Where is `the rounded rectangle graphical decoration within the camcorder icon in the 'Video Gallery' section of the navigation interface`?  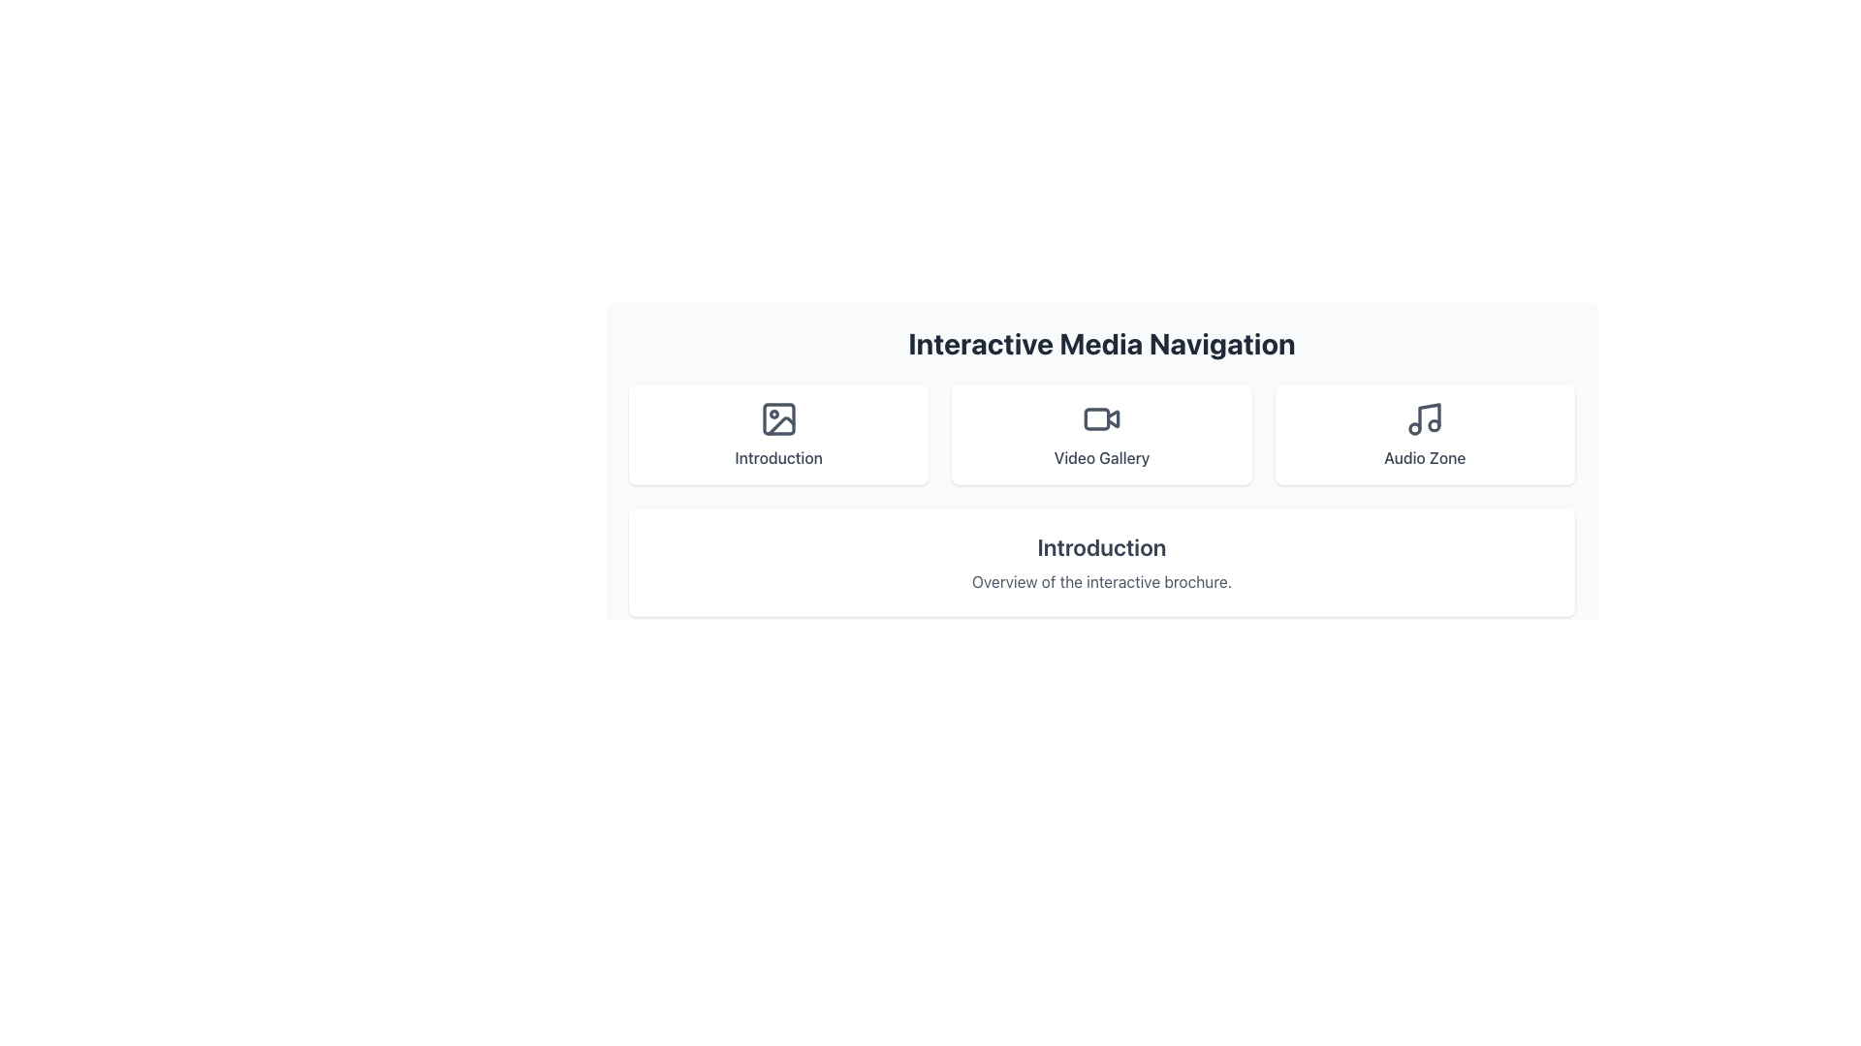 the rounded rectangle graphical decoration within the camcorder icon in the 'Video Gallery' section of the navigation interface is located at coordinates (1097, 417).